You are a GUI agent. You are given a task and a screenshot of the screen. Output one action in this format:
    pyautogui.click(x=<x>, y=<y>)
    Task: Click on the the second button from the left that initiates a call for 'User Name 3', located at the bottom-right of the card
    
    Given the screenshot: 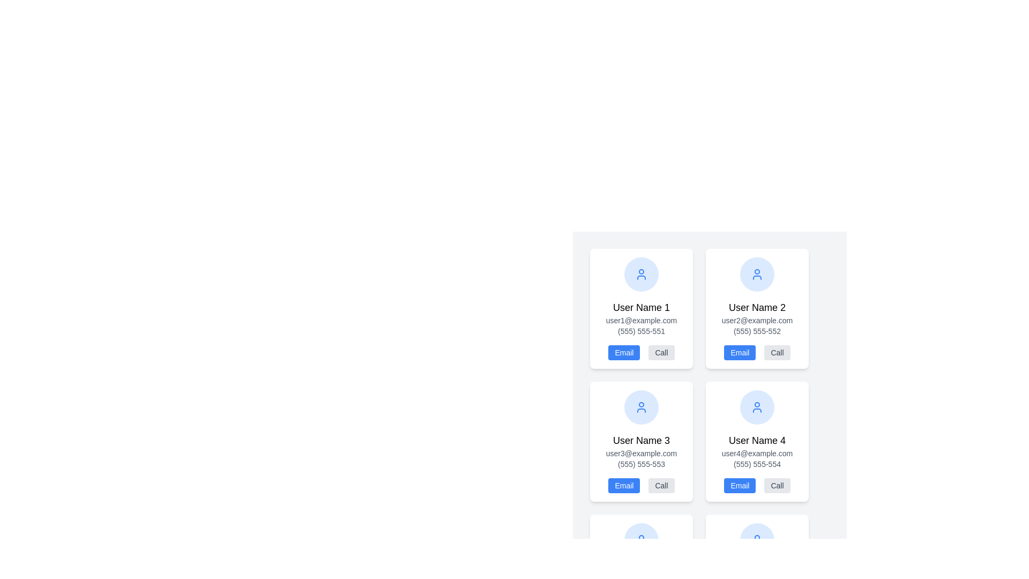 What is the action you would take?
    pyautogui.click(x=661, y=486)
    